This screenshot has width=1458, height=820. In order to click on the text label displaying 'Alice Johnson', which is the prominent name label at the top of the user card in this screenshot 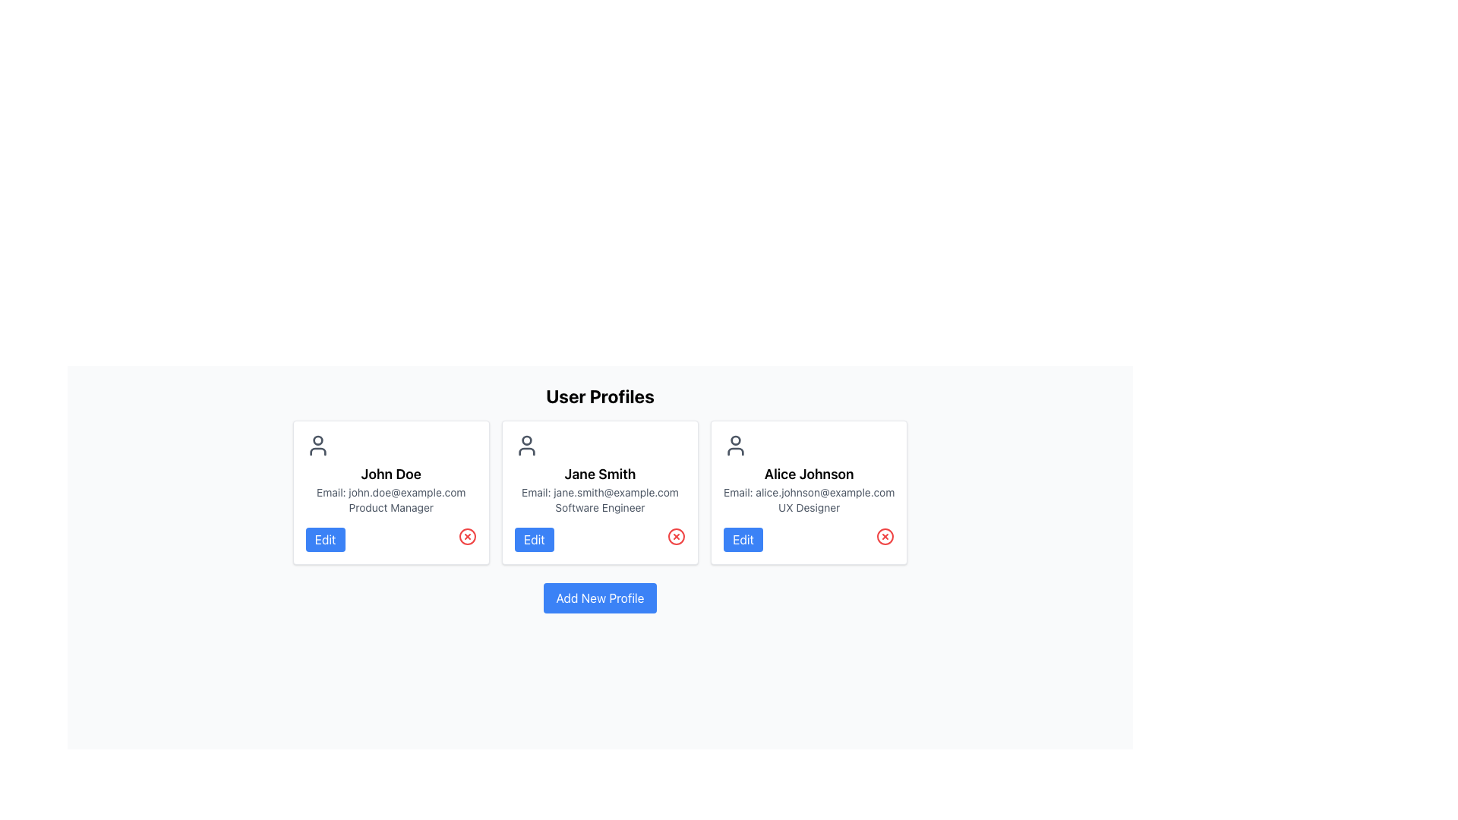, I will do `click(808, 473)`.